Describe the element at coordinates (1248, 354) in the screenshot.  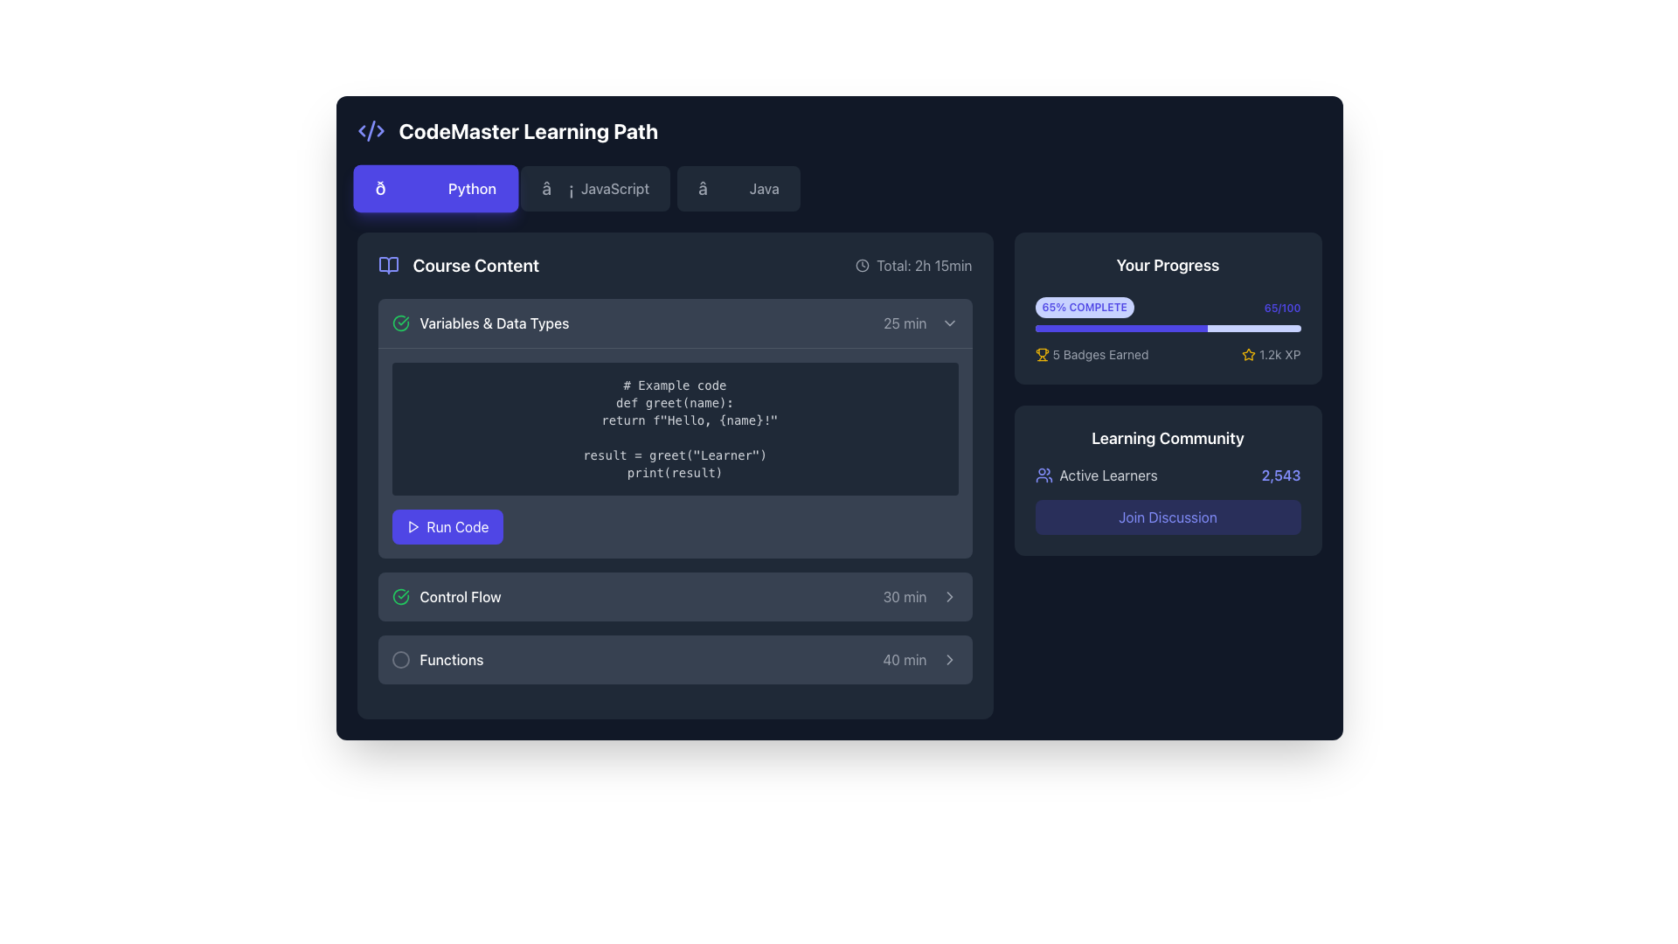
I see `the star icon representing experience points (XP) in the 'Your Progress' section, located to the left of the text '1.2k XP'` at that location.